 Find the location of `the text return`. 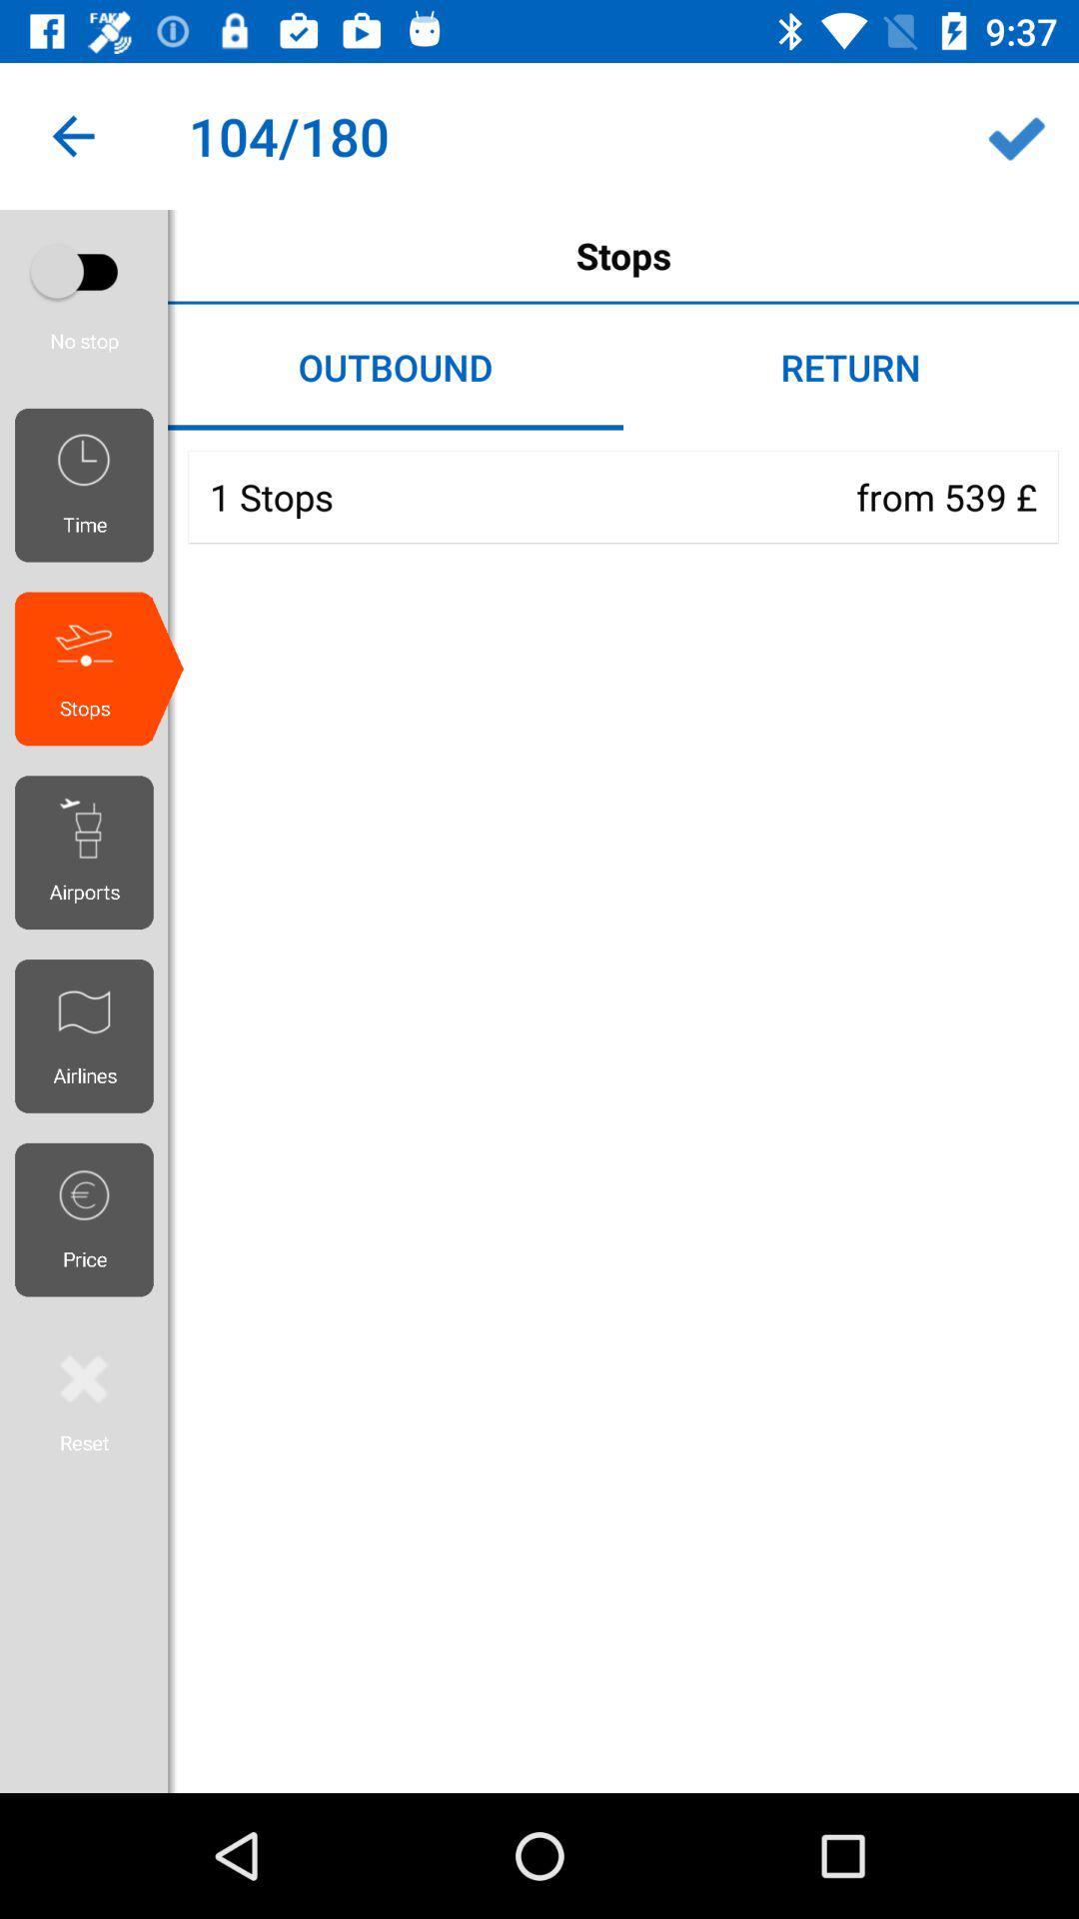

the text return is located at coordinates (851, 368).